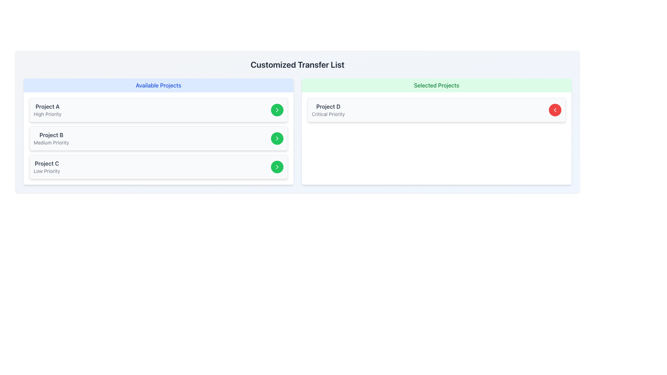  Describe the element at coordinates (277, 167) in the screenshot. I see `the chevron icon button located in the 'Available Projects' section, aligned with the entry labeled 'Project C - Low Priority', to transfer the project` at that location.